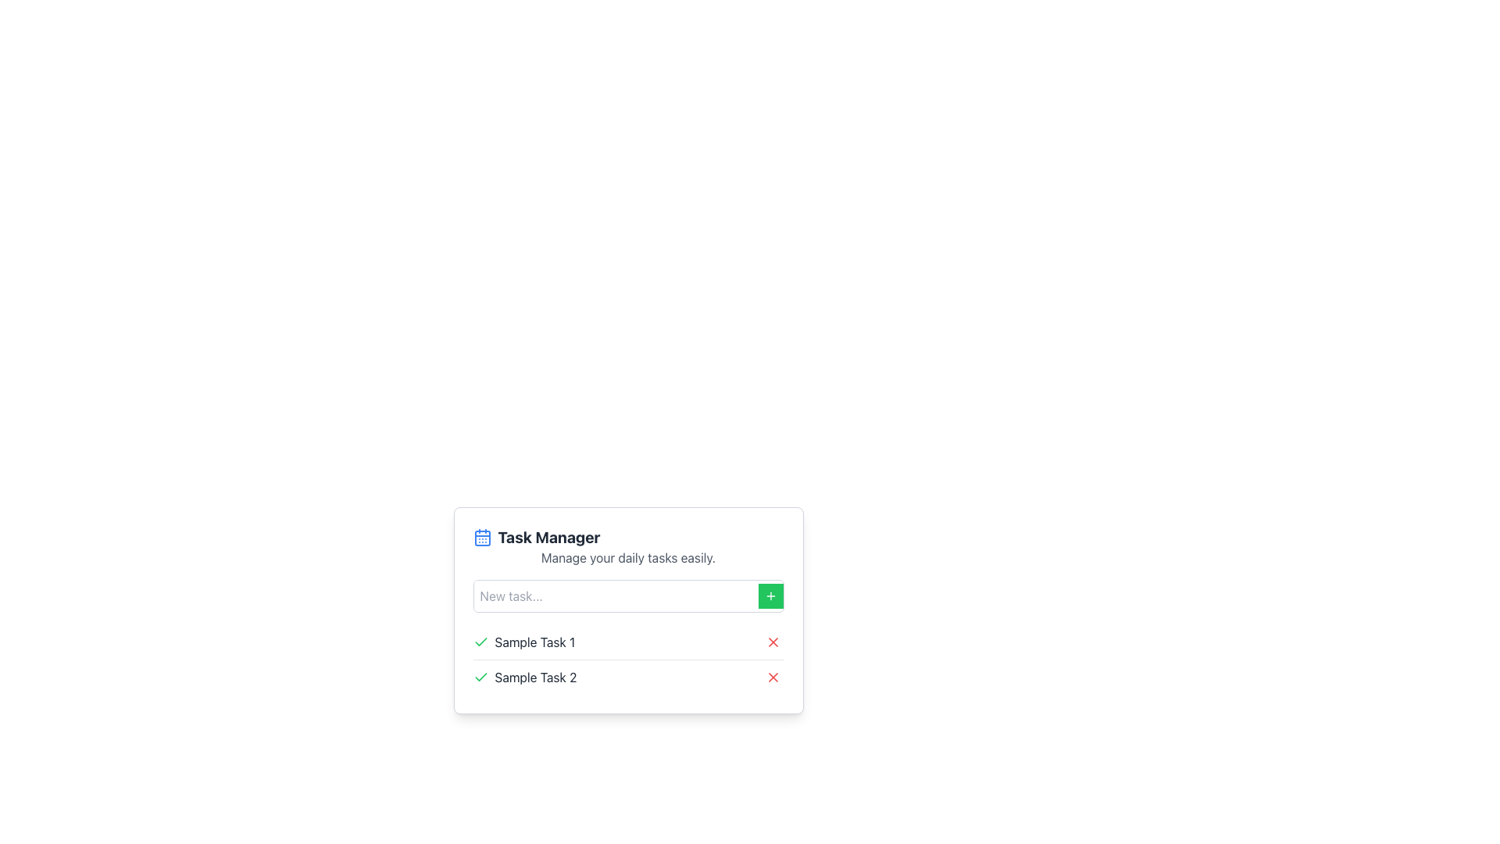 This screenshot has width=1500, height=844. What do you see at coordinates (628, 556) in the screenshot?
I see `the descriptive text providing additional information about the 'Task Manager' feature, which is located directly beneath the bold title 'Task Manager'` at bounding box center [628, 556].